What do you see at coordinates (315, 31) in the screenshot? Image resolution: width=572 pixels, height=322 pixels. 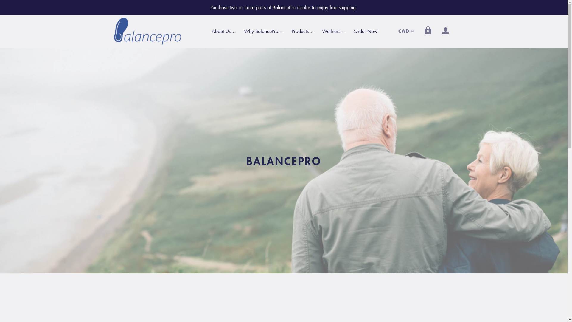 I see `'Wellness'` at bounding box center [315, 31].